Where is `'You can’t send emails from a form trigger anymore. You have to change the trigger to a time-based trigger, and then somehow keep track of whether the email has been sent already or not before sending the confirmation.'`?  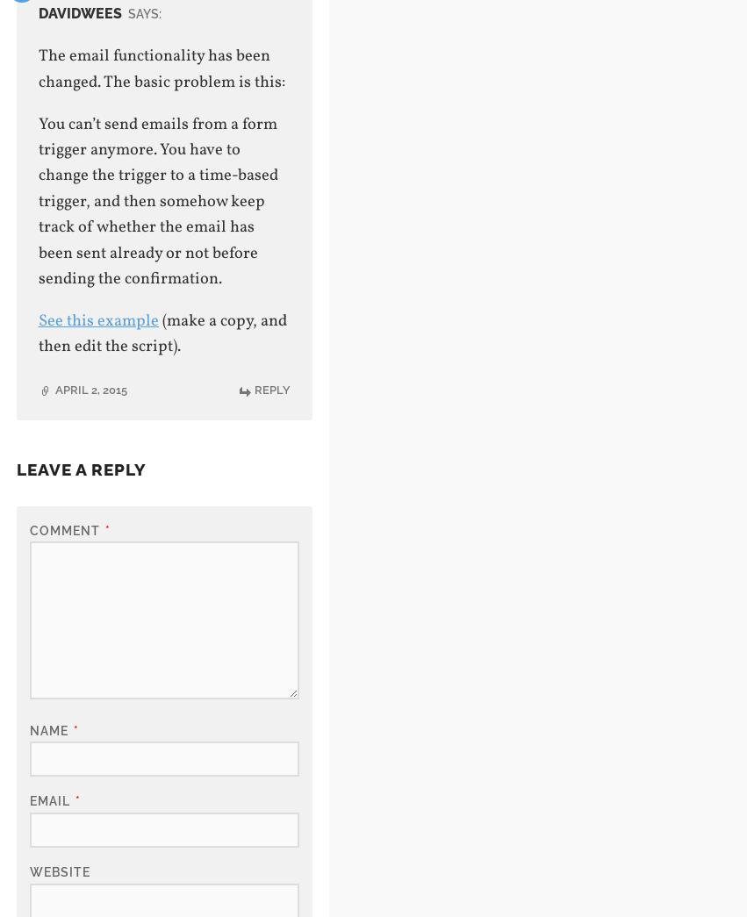
'You can’t send emails from a form trigger anymore. You have to change the trigger to a time-based trigger, and then somehow keep track of whether the email has been sent already or not before sending the confirmation.' is located at coordinates (37, 201).